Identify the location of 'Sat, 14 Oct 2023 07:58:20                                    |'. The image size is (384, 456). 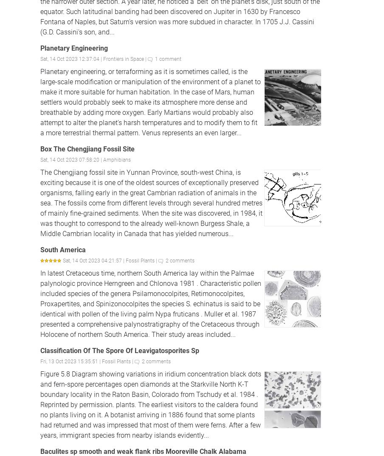
(71, 159).